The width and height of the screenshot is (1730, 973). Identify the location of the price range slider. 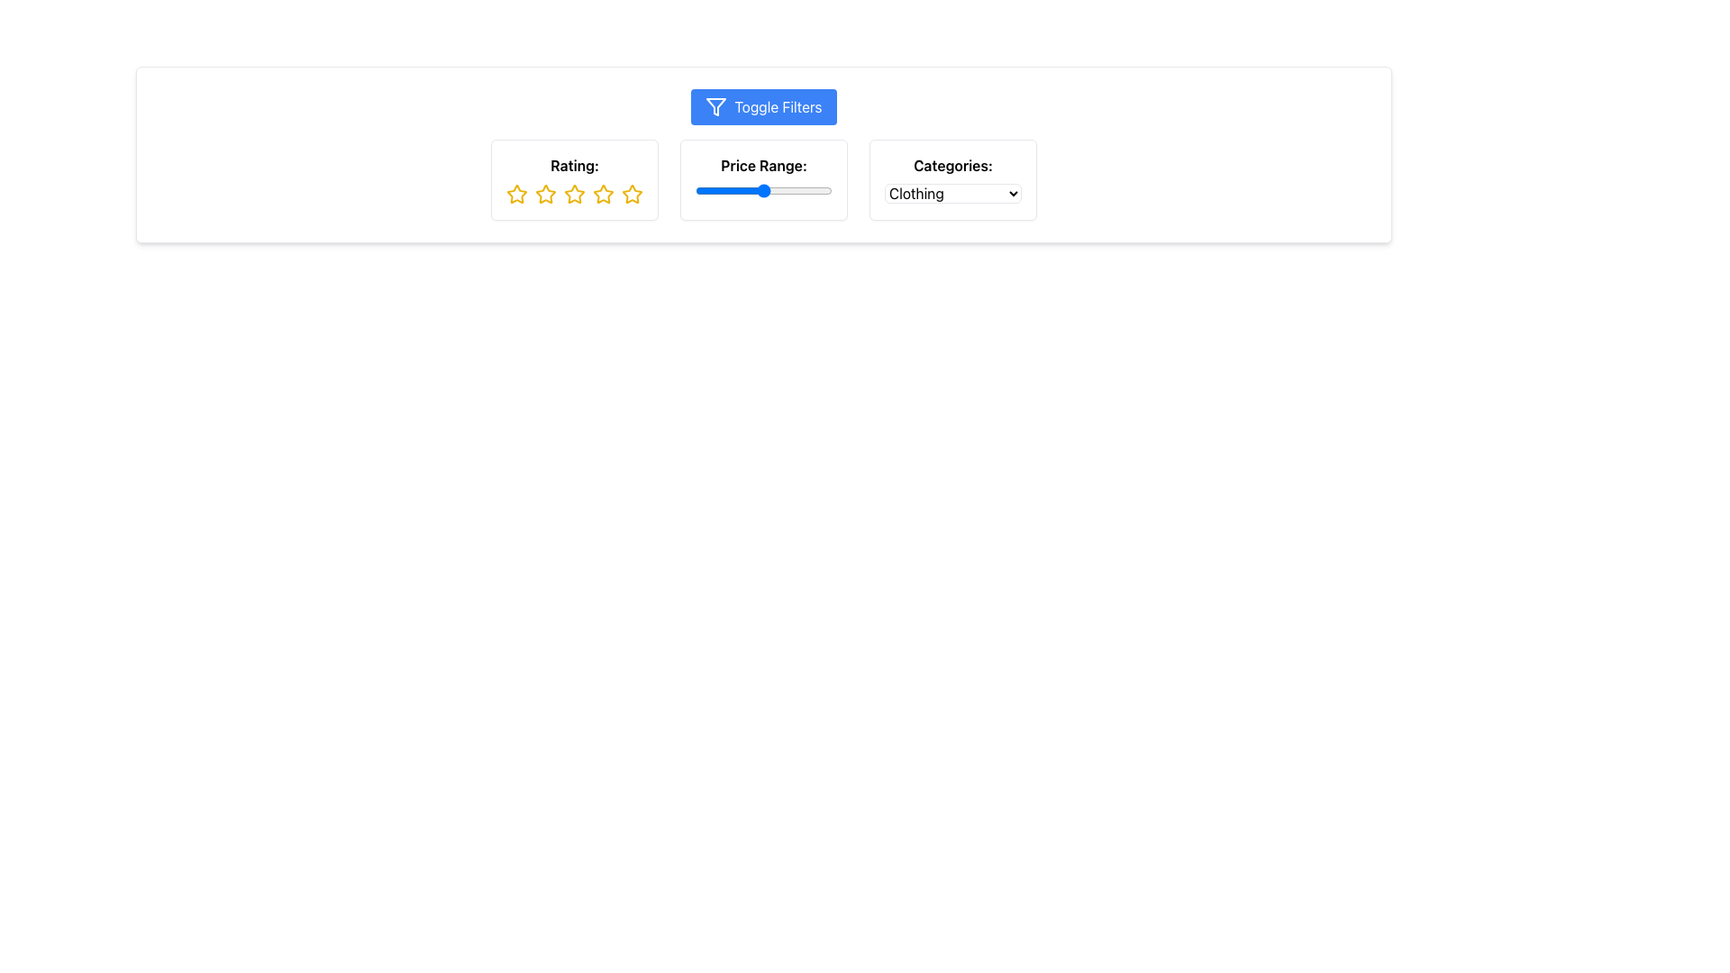
(747, 191).